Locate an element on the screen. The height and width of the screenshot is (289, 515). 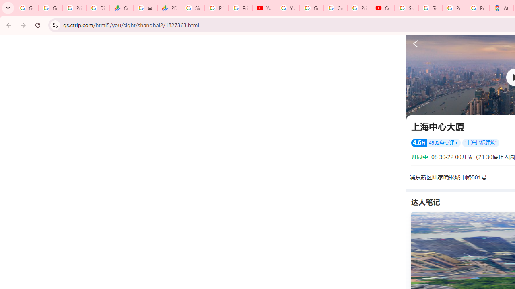
'Create your Google Account' is located at coordinates (335, 8).